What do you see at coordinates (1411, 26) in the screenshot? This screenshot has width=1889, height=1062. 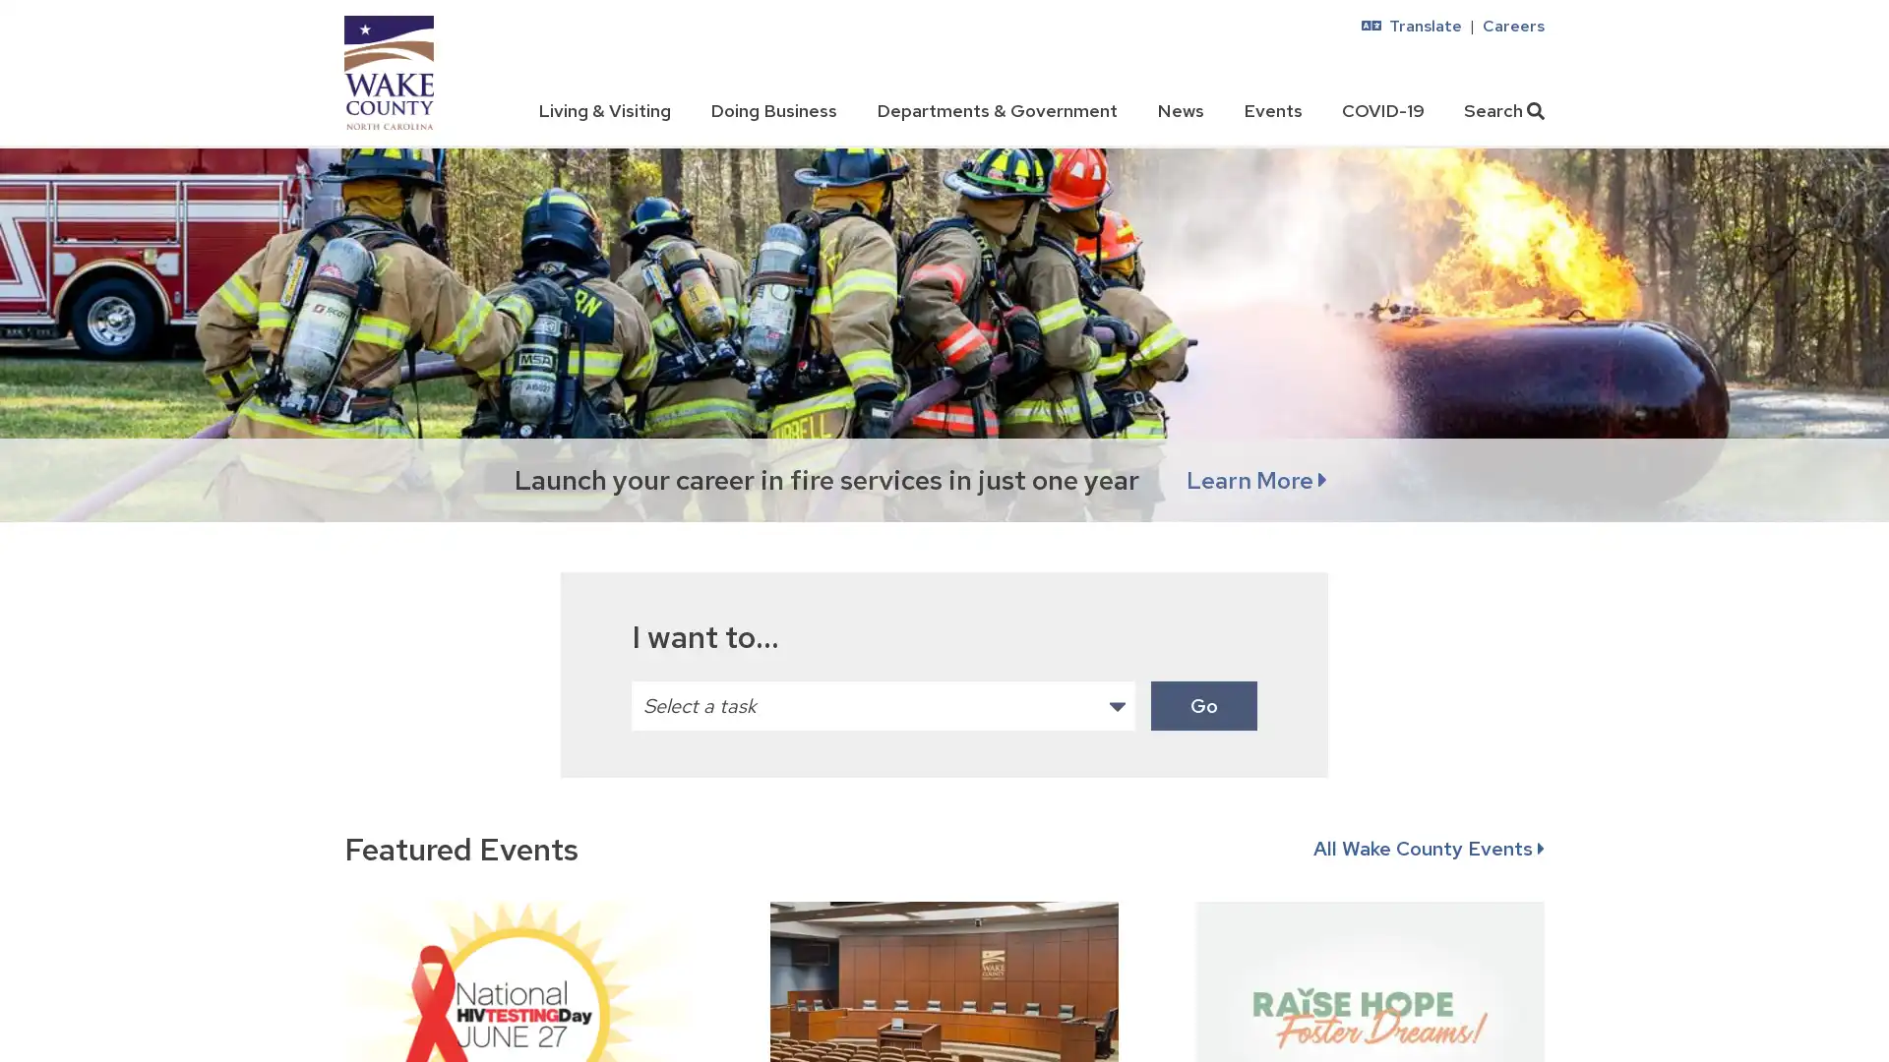 I see `Translate` at bounding box center [1411, 26].